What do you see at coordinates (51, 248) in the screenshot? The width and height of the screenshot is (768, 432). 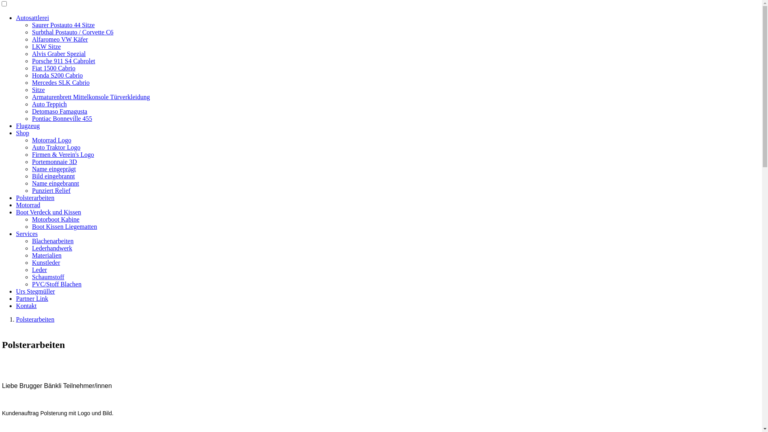 I see `'Lederhandwerk'` at bounding box center [51, 248].